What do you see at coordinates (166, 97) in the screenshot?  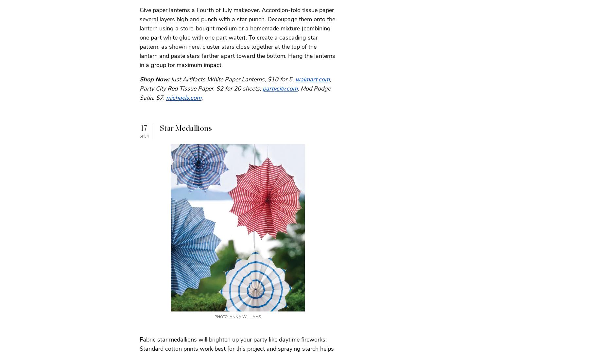 I see `'michaels.com'` at bounding box center [166, 97].